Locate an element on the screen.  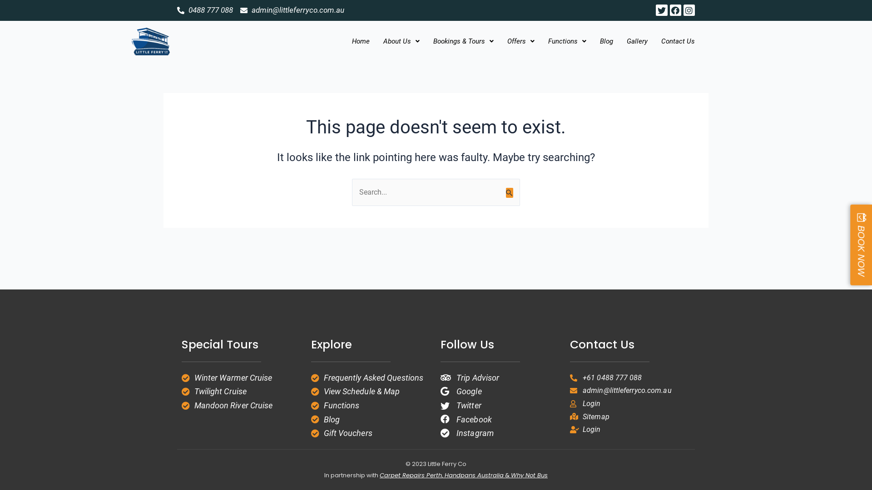
'Gallery' is located at coordinates (636, 41).